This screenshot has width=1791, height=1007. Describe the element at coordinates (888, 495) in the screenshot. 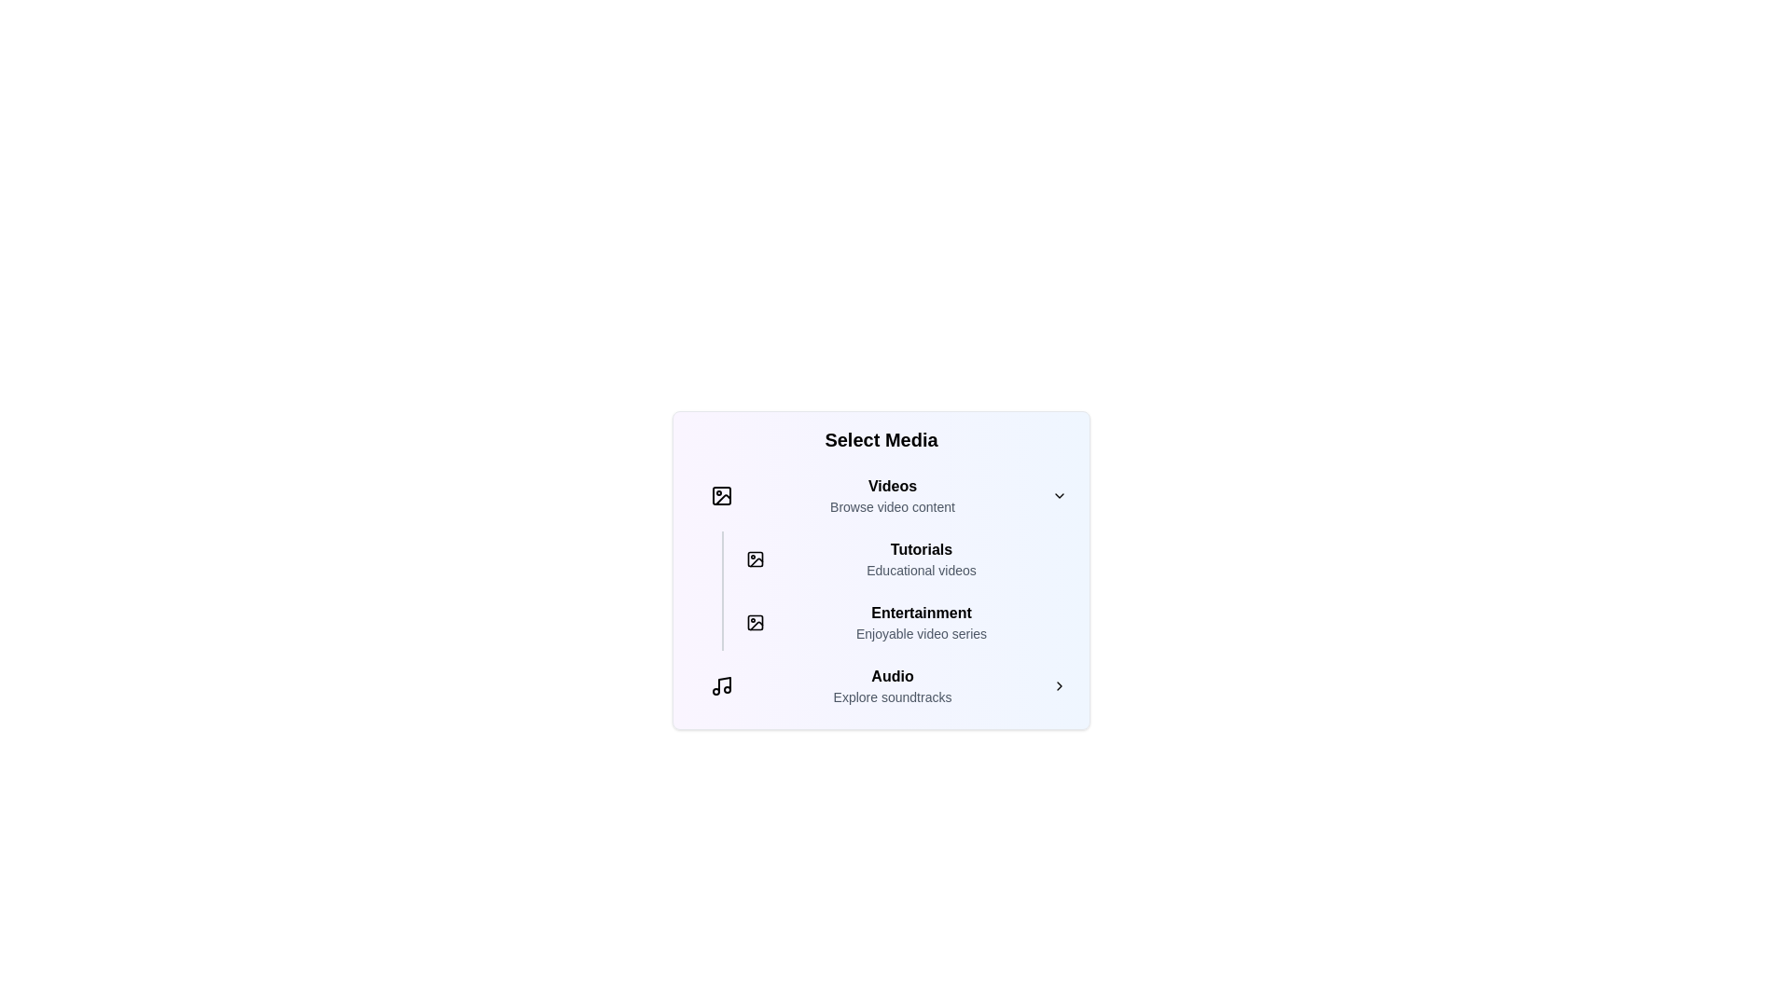

I see `the 'Videos' menu item labeled 'Browse video content'` at that location.